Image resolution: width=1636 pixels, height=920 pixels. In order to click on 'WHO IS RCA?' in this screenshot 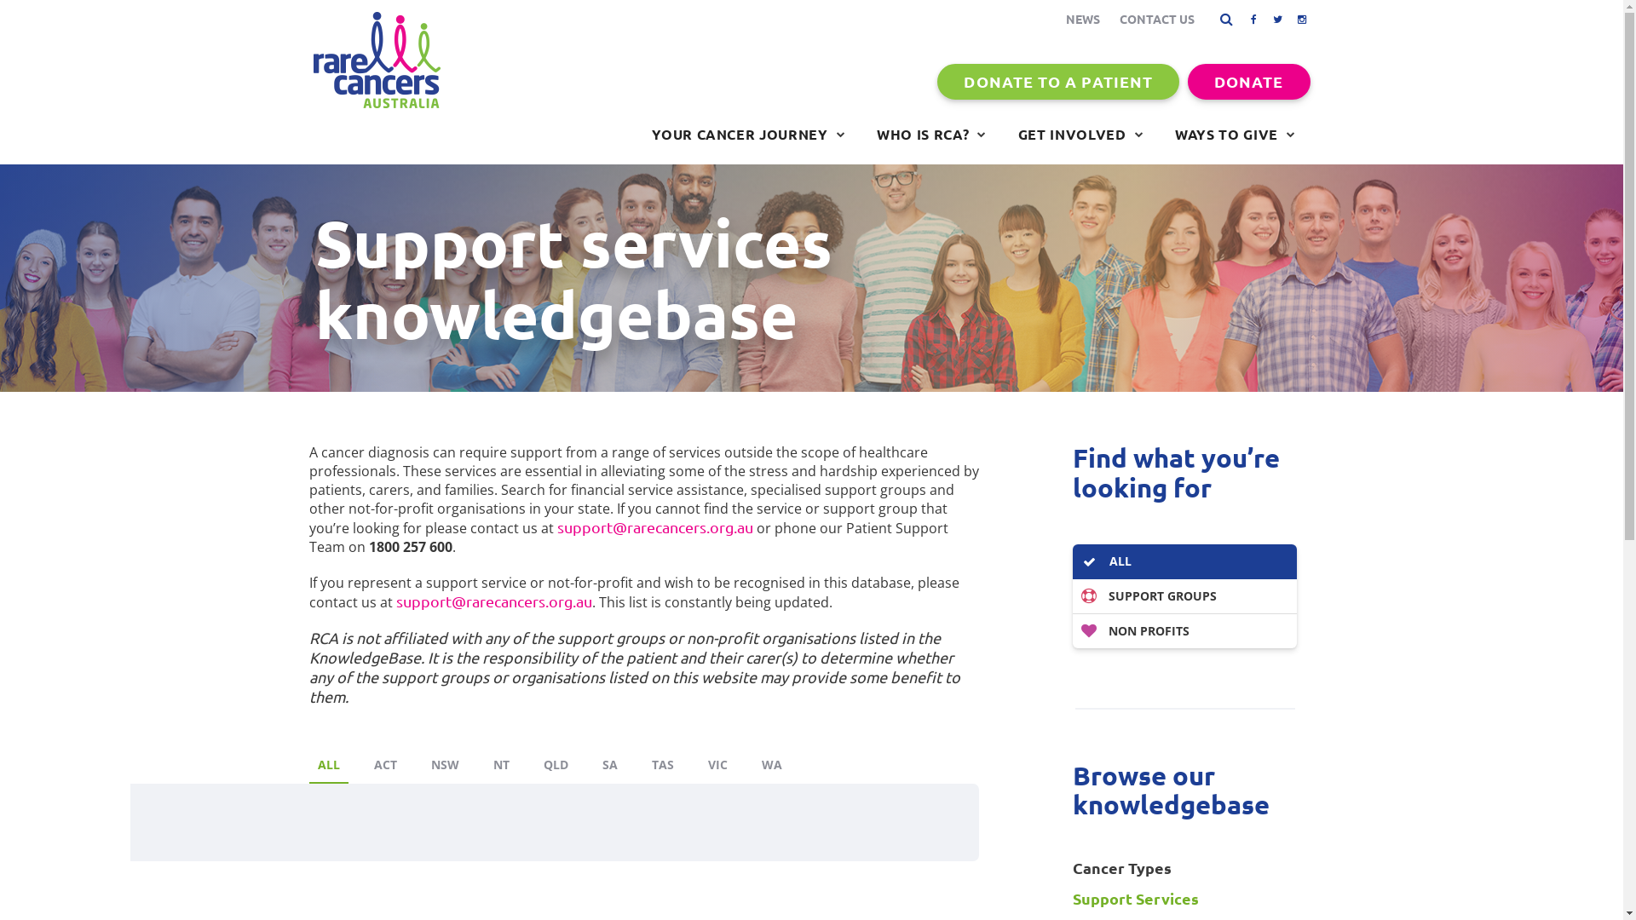, I will do `click(930, 134)`.